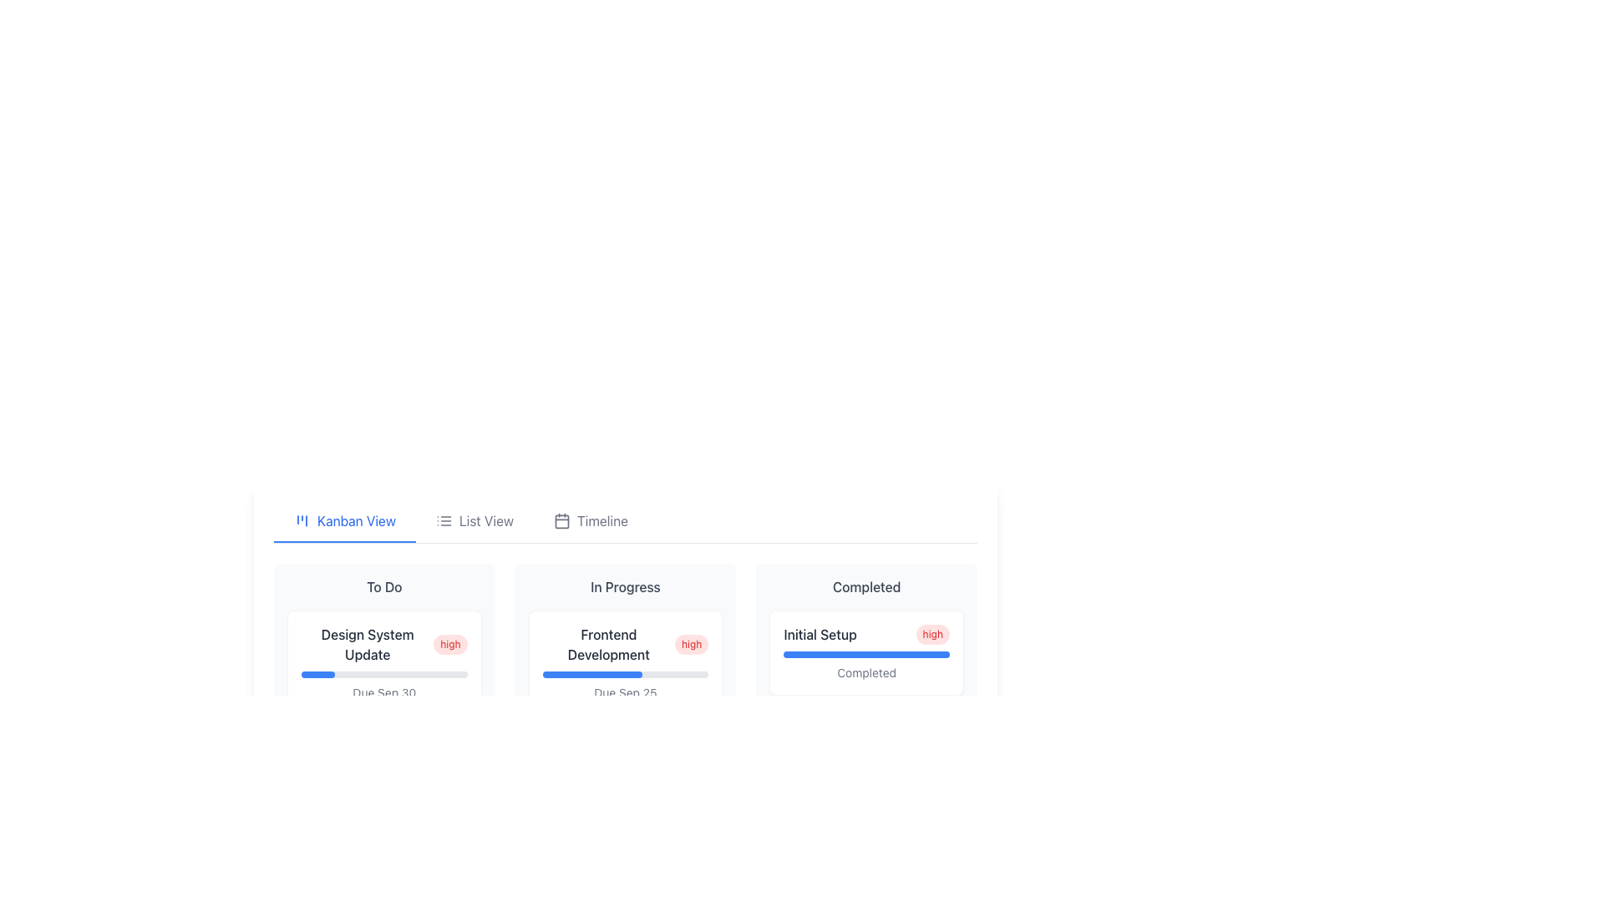 The height and width of the screenshot is (902, 1604). What do you see at coordinates (592, 673) in the screenshot?
I see `the progress bar filled to 60% within the 'Frontend Development' card located above the text 'Due Sep 25'` at bounding box center [592, 673].